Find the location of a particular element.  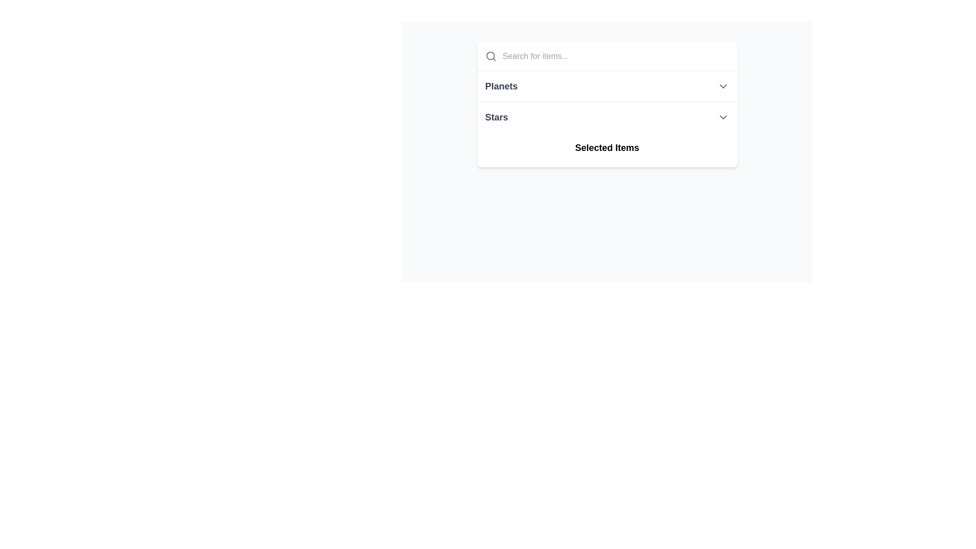

the third Text label element, which serves as a section header, positioned below 'Stars' is located at coordinates (607, 149).